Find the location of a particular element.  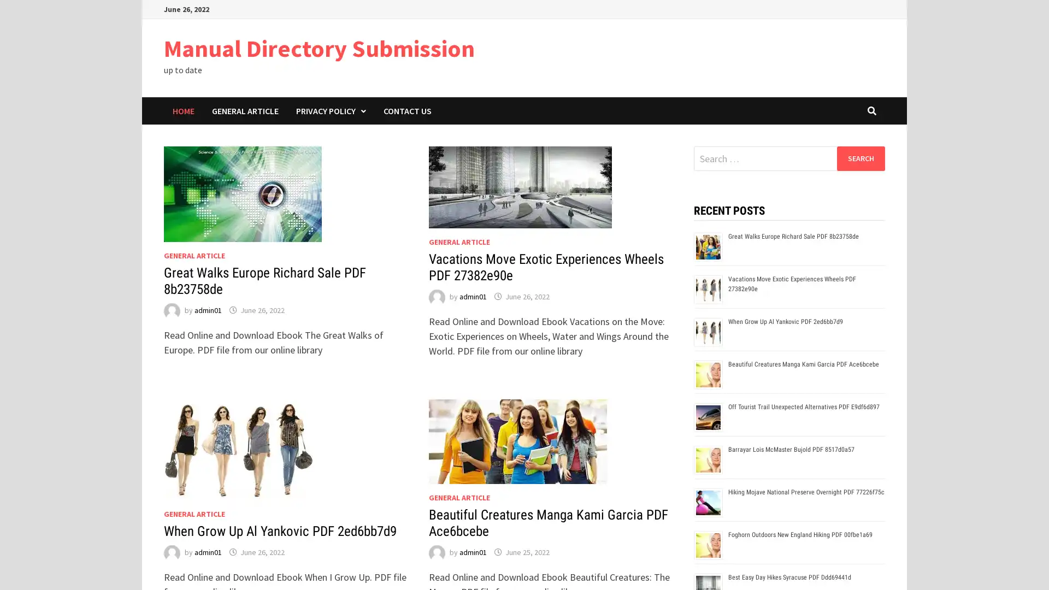

Search is located at coordinates (860, 158).